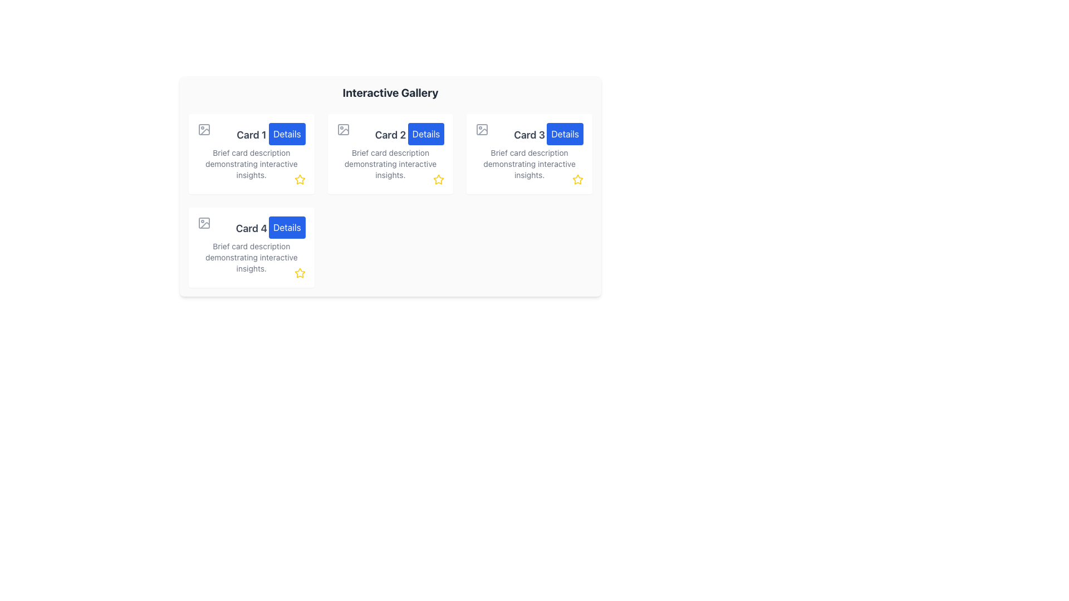 The width and height of the screenshot is (1069, 601). What do you see at coordinates (461, 184) in the screenshot?
I see `the tooltip displaying 'Additional card details and options can be expanded here.' which appears below the 'Details' button of Card 2 in the interactive gallery layout` at bounding box center [461, 184].